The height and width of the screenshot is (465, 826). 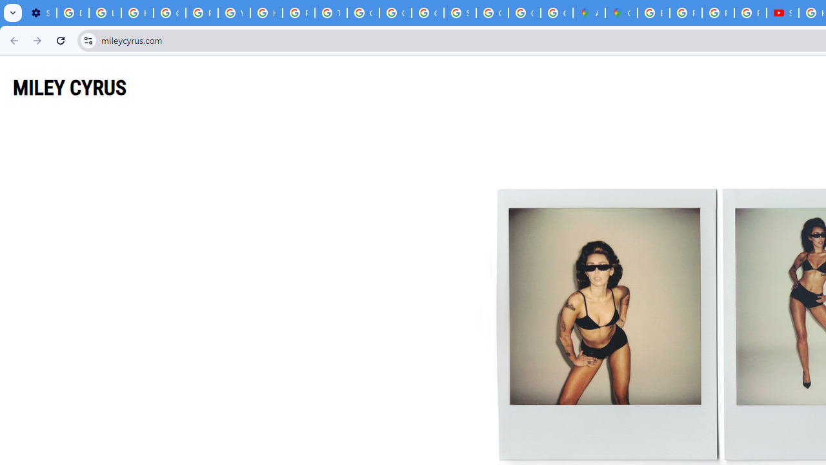 I want to click on 'MILEY CYRUS', so click(x=69, y=87).